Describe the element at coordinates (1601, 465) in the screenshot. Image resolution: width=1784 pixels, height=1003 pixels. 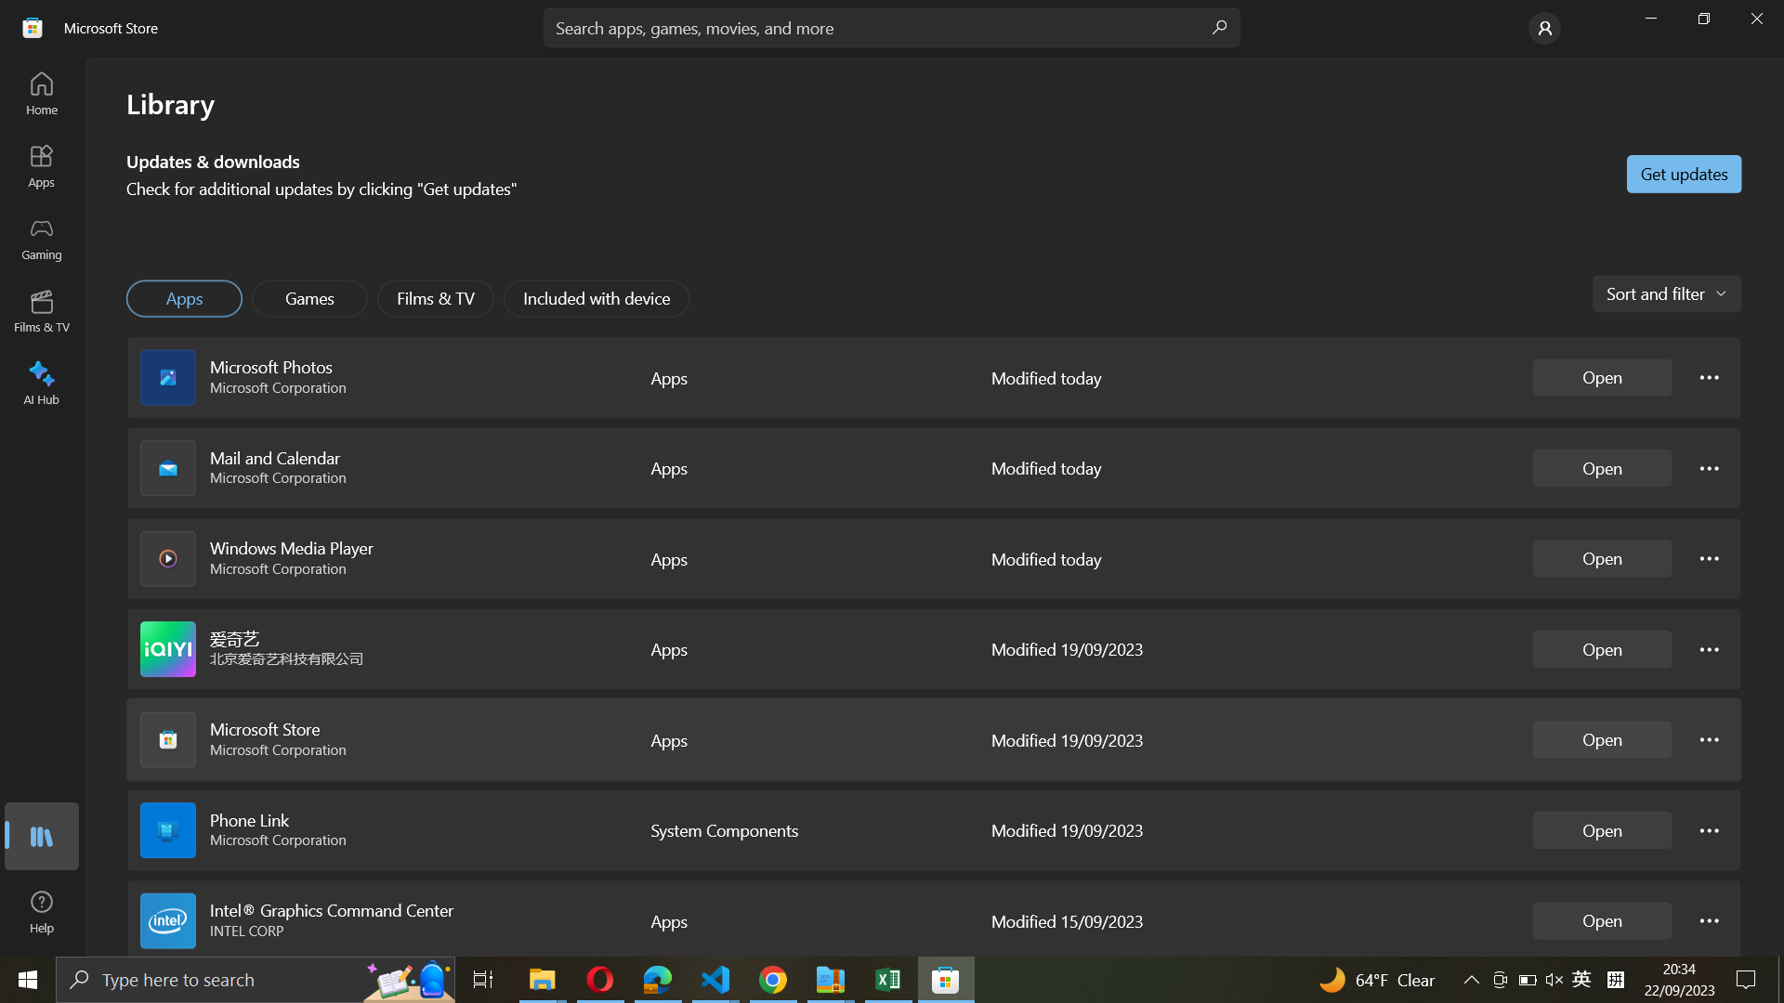
I see `Mail and Calendar program` at that location.